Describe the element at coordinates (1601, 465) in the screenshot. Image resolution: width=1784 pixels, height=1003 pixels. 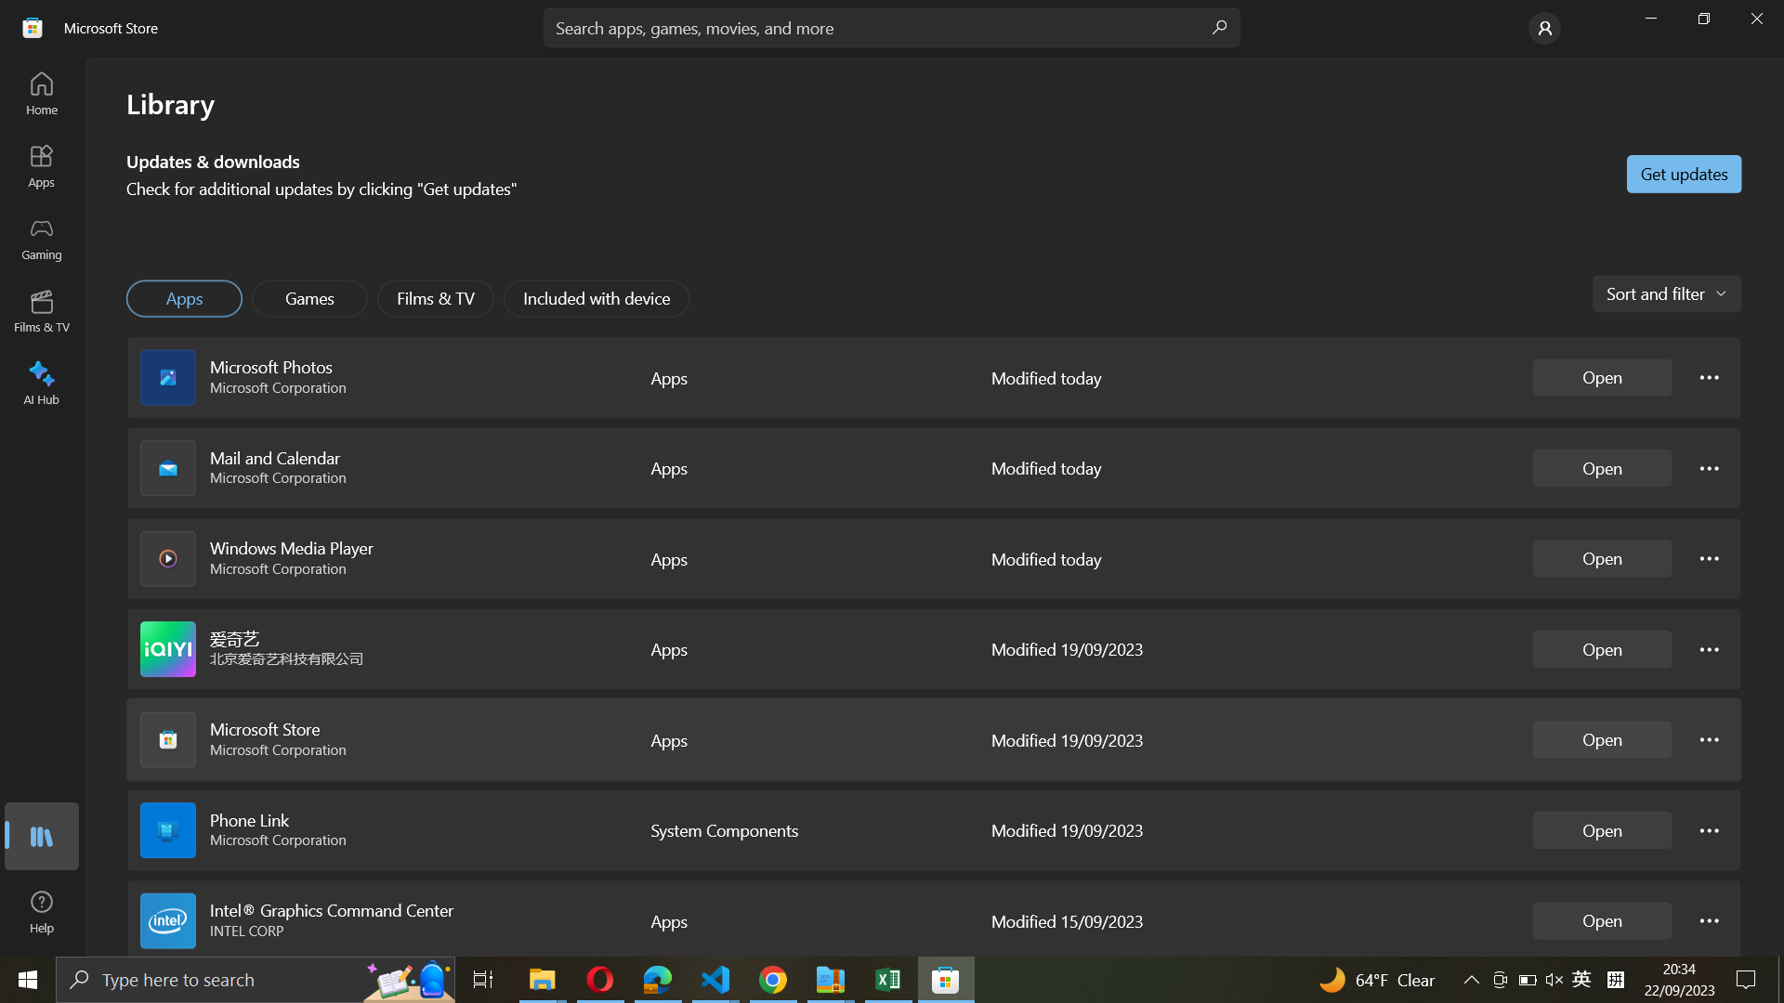
I see `Mail and Calendar program` at that location.